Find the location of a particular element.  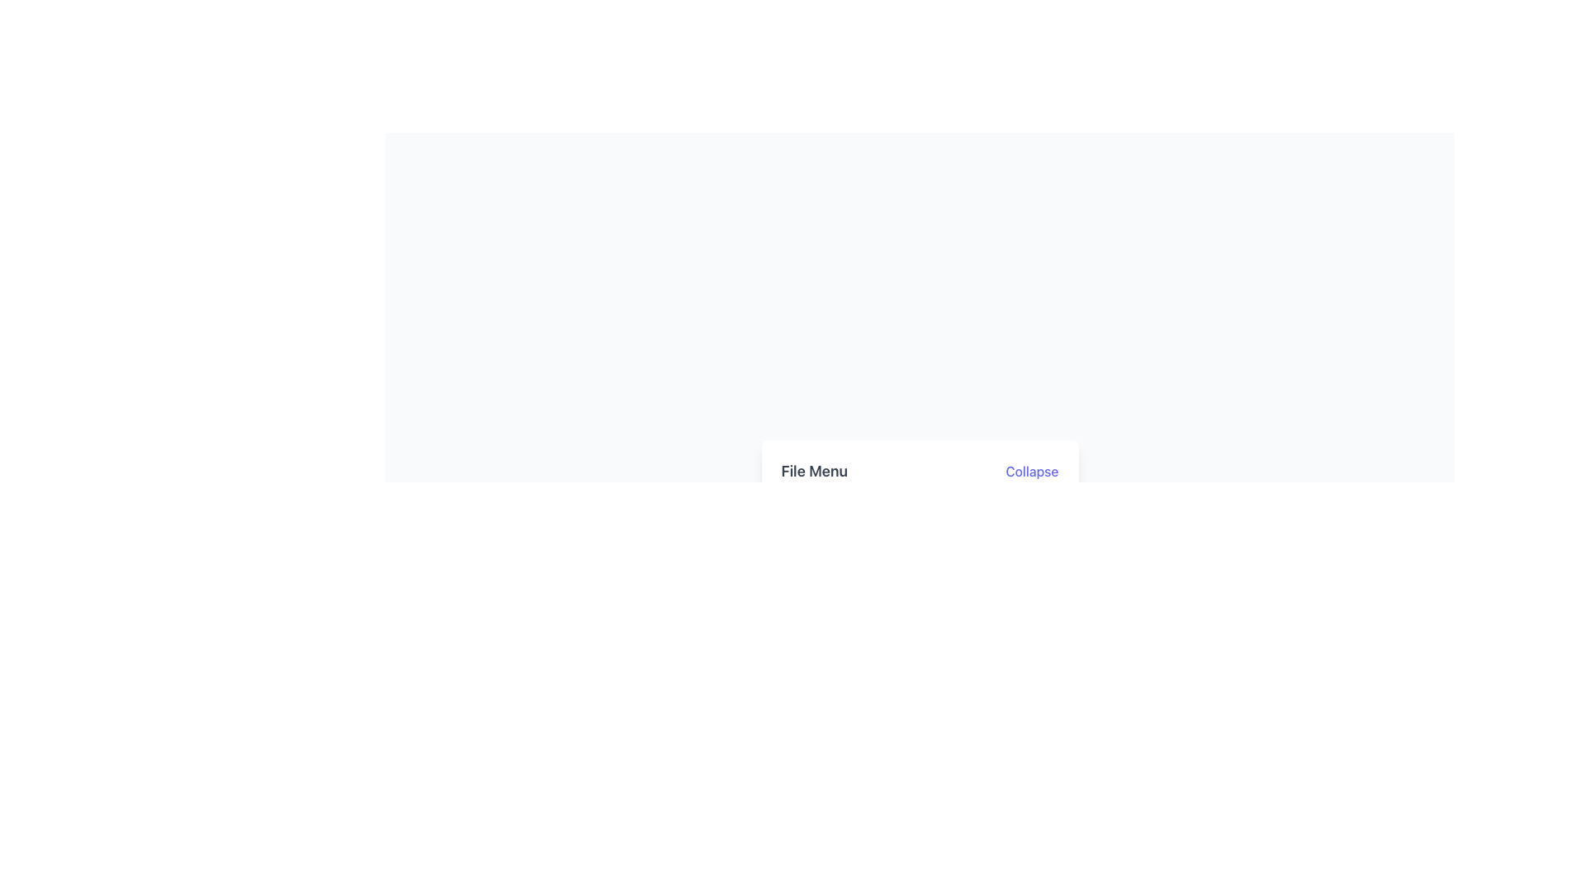

the 'Collapse' hyperlink styled in indigo blue, positioned to the right of the 'File Menu' text is located at coordinates (1031, 471).